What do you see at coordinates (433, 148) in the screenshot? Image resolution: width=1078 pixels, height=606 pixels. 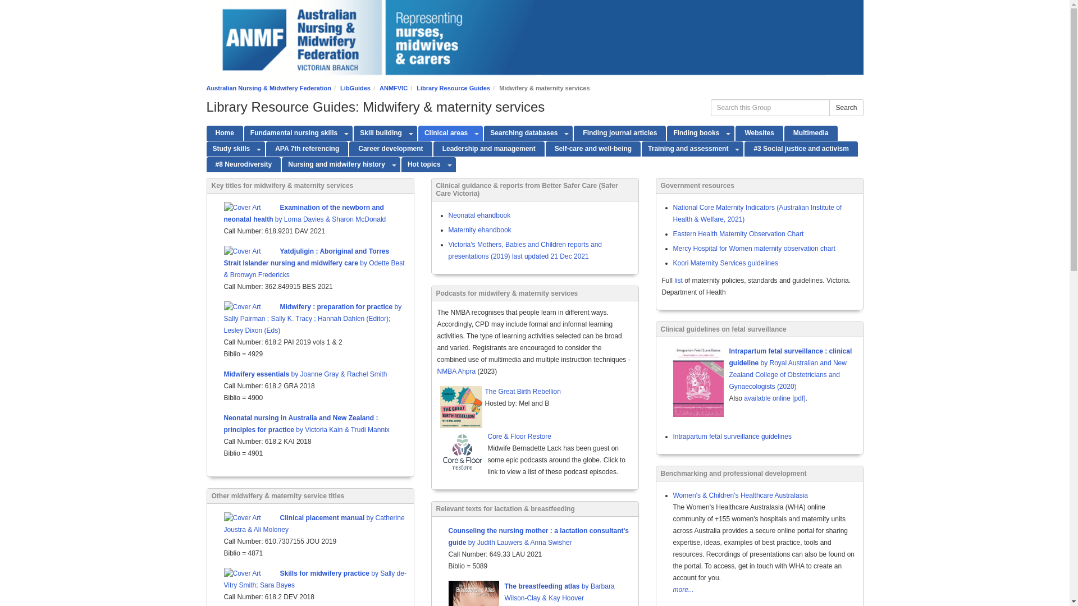 I see `'Leadership and management'` at bounding box center [433, 148].